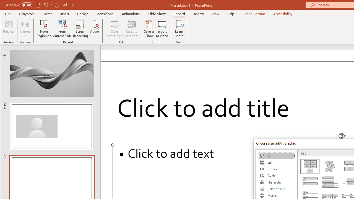 The image size is (354, 199). I want to click on 'Cycle', so click(276, 176).